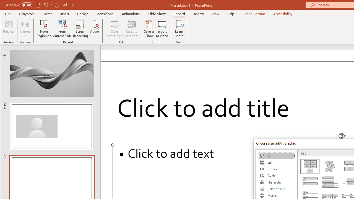 The image size is (354, 199). I want to click on 'Cycle', so click(276, 176).